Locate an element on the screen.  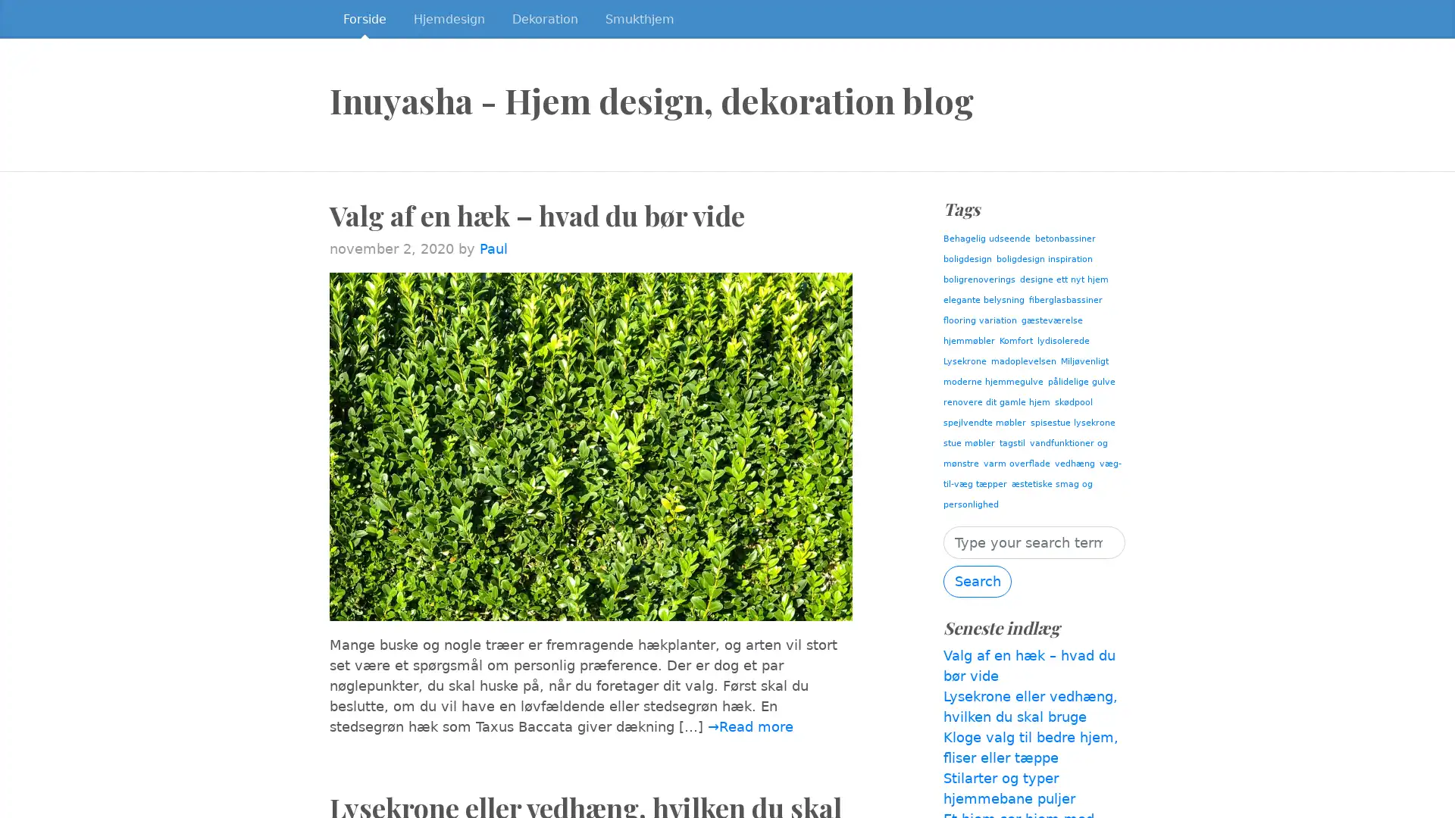
Search is located at coordinates (978, 580).